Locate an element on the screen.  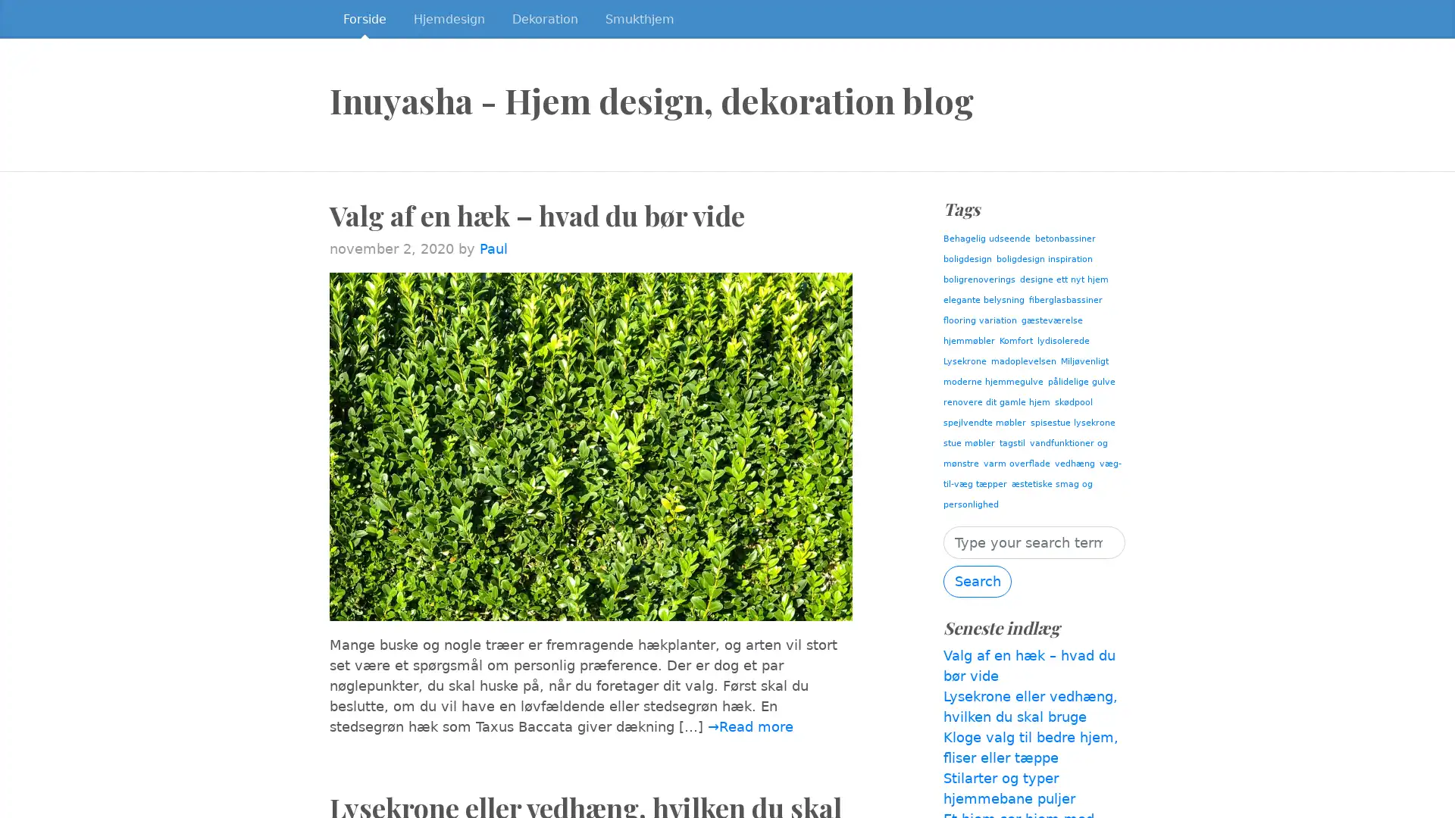
Search is located at coordinates (978, 580).